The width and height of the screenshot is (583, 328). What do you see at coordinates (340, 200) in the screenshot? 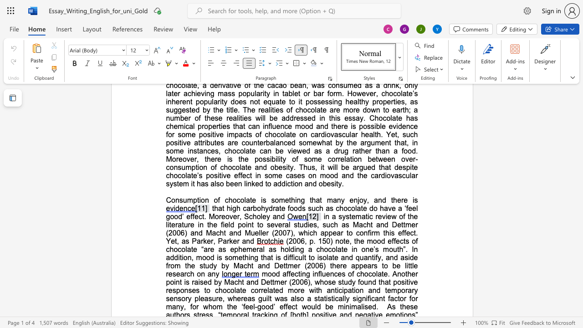
I see `the space between the continuous character "n" and "y" in the text` at bounding box center [340, 200].